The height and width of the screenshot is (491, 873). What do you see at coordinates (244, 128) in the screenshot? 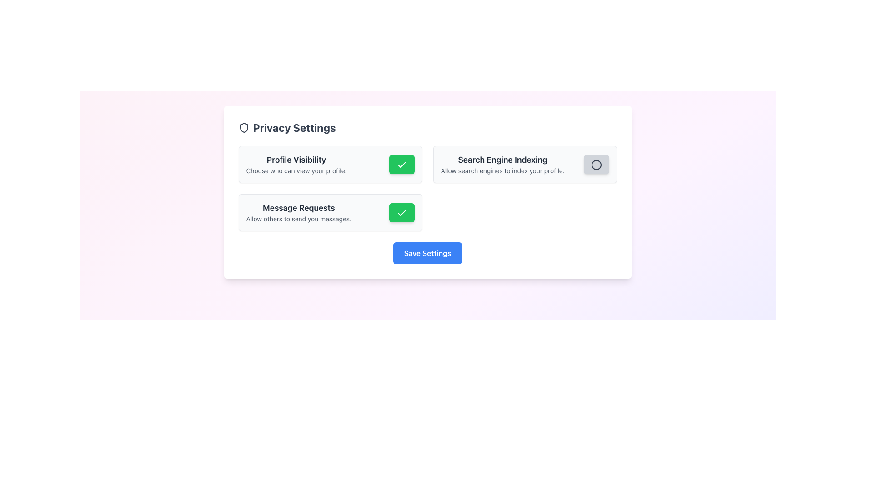
I see `security icon located in the upper-left corner of the 'Privacy Settings' card, which serves as a visual indicator for protection` at bounding box center [244, 128].